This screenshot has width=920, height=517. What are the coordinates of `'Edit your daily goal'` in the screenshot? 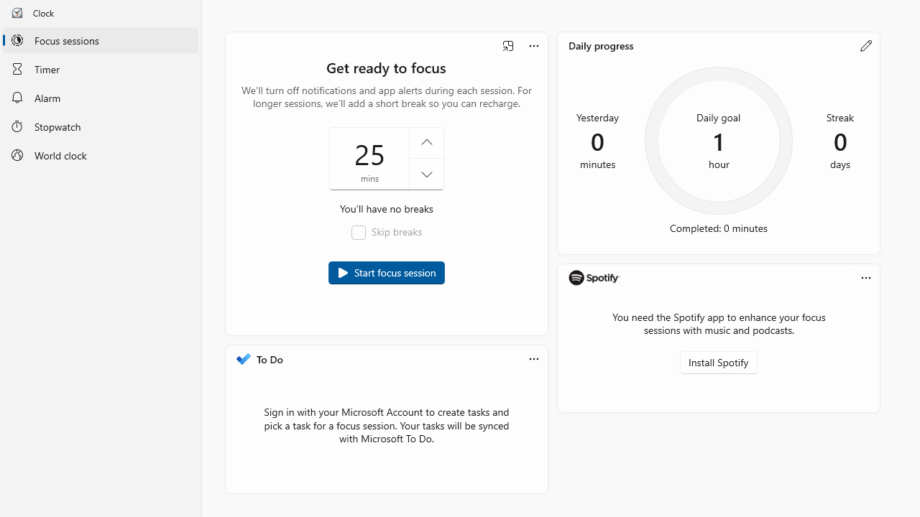 It's located at (865, 45).